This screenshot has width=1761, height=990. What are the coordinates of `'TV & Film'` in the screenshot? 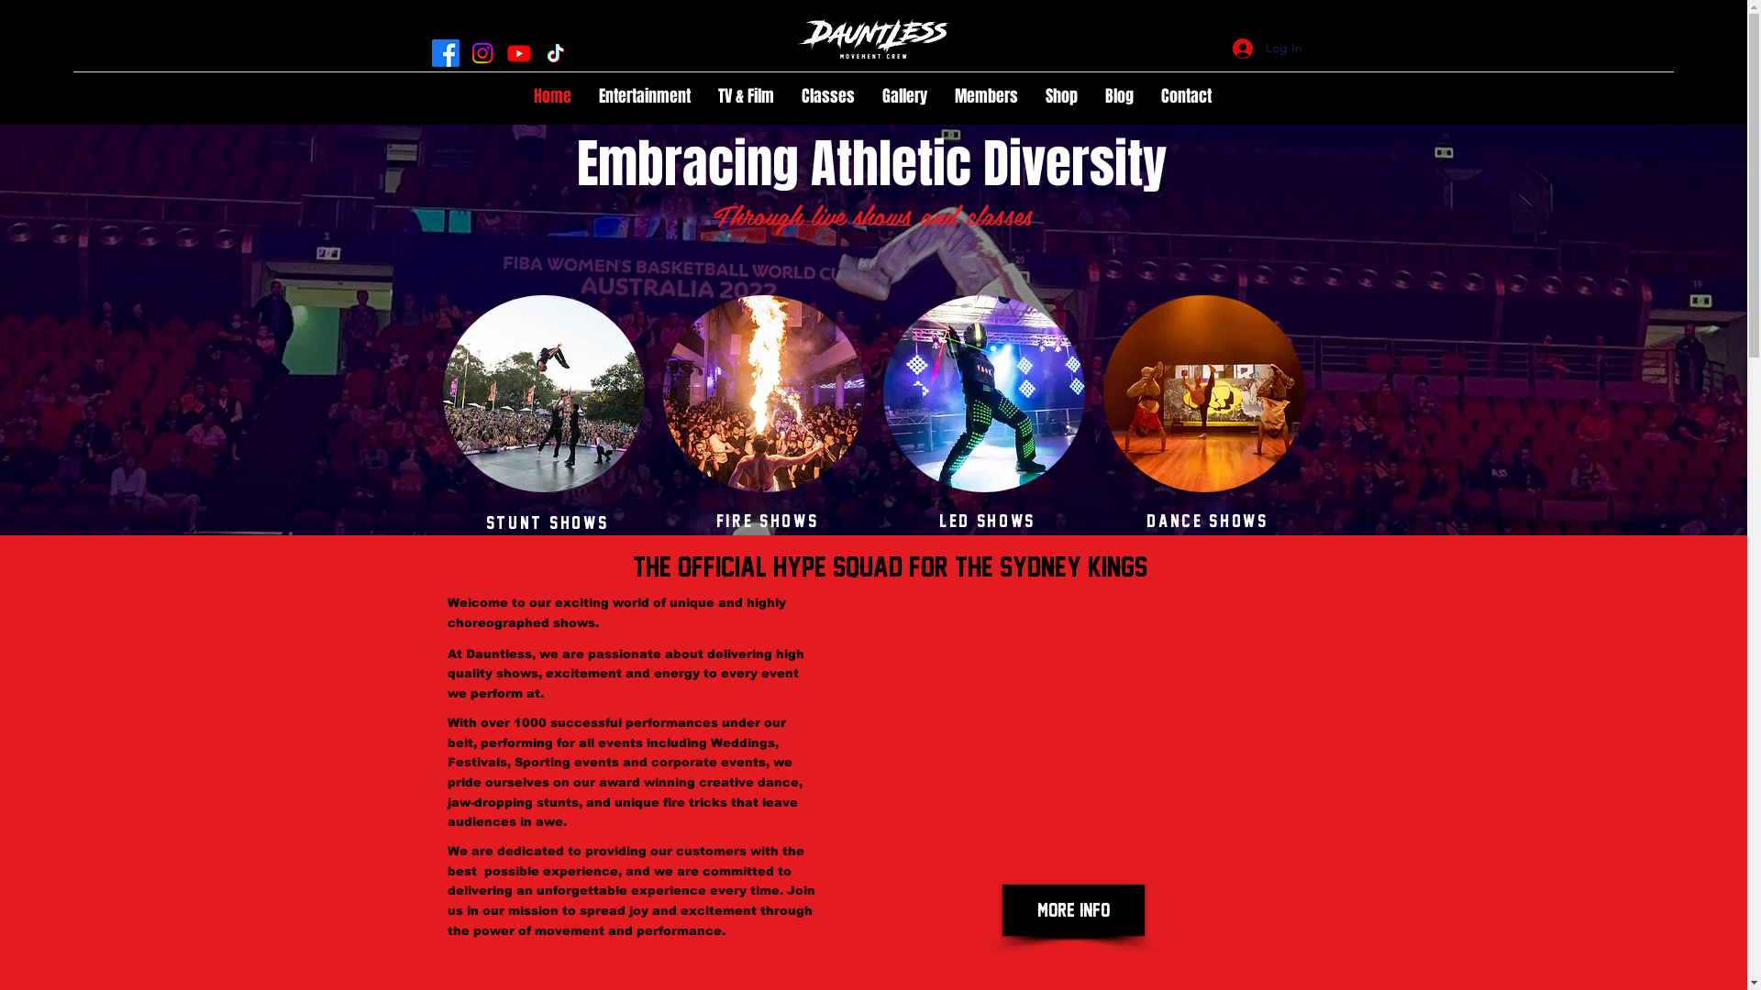 It's located at (746, 96).